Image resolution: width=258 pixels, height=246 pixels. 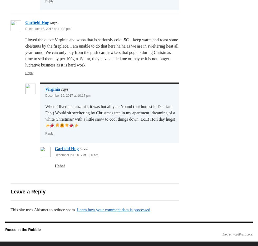 What do you see at coordinates (113, 209) in the screenshot?
I see `'Learn how your comment data is processed'` at bounding box center [113, 209].